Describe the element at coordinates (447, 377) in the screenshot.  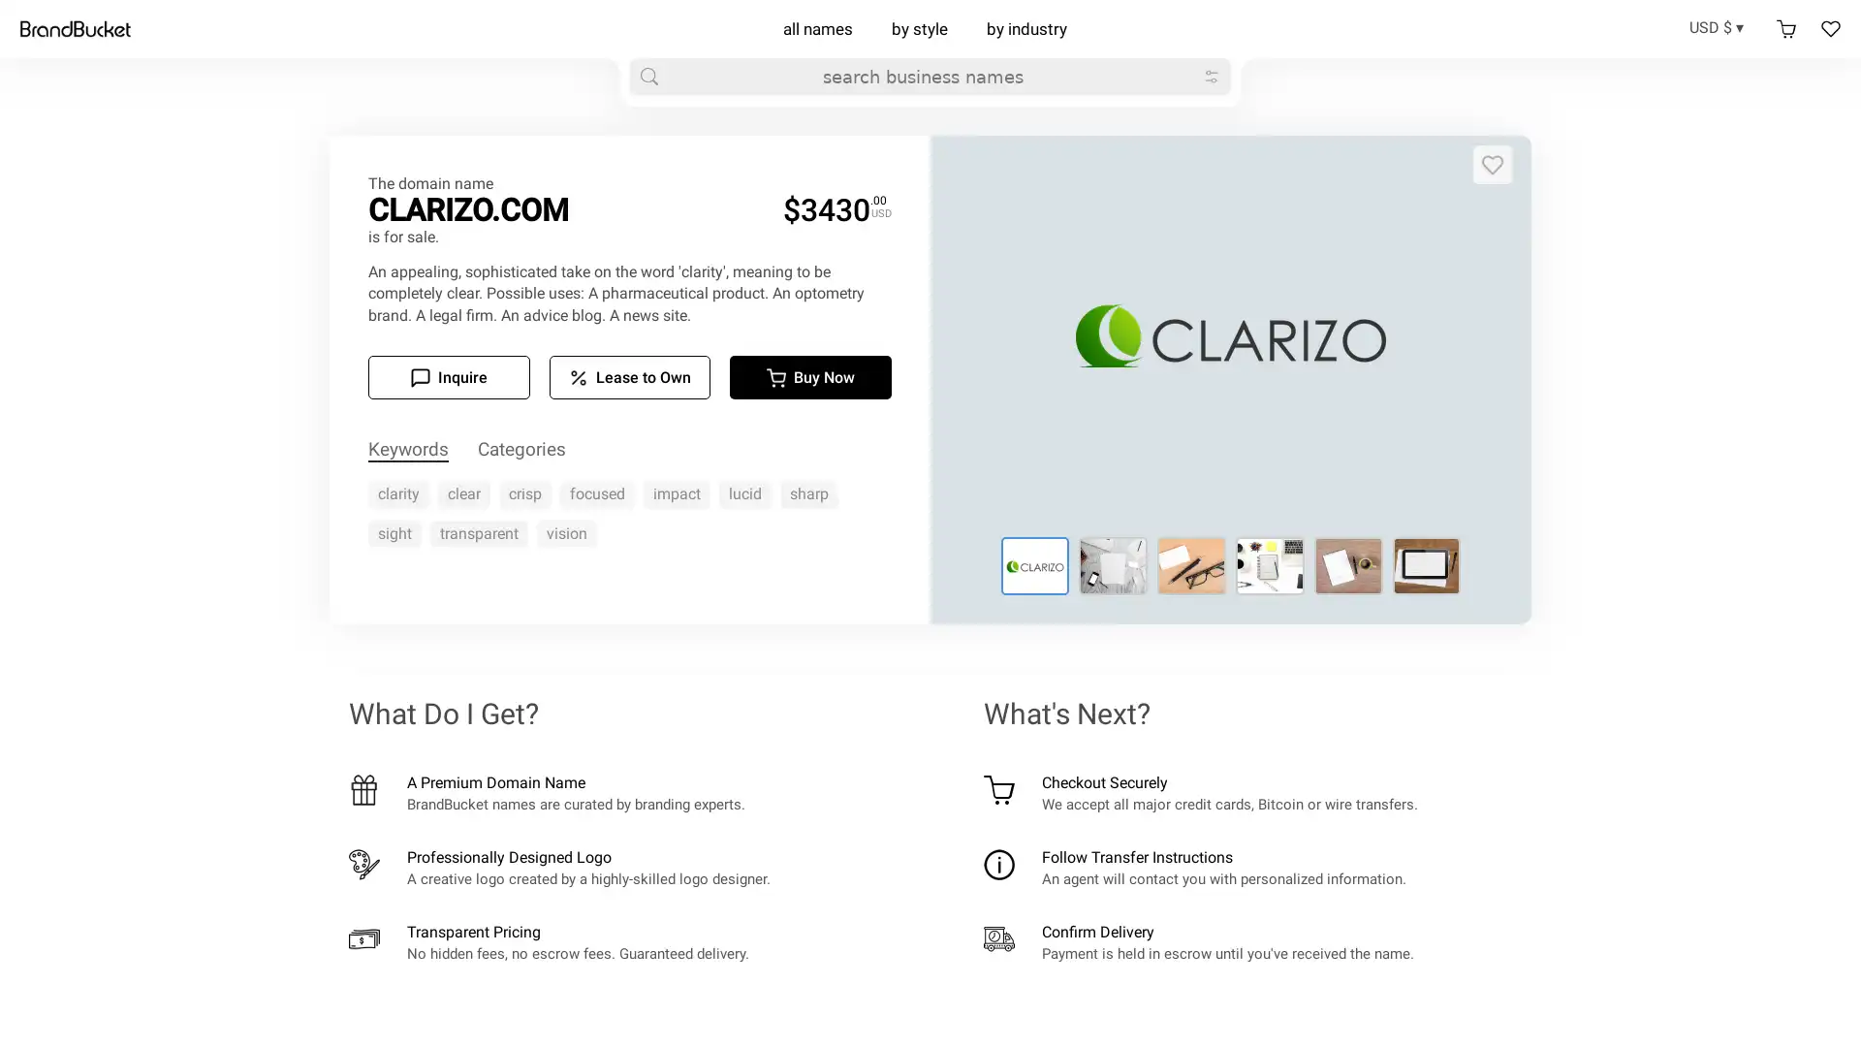
I see `Inquire Inquire` at that location.